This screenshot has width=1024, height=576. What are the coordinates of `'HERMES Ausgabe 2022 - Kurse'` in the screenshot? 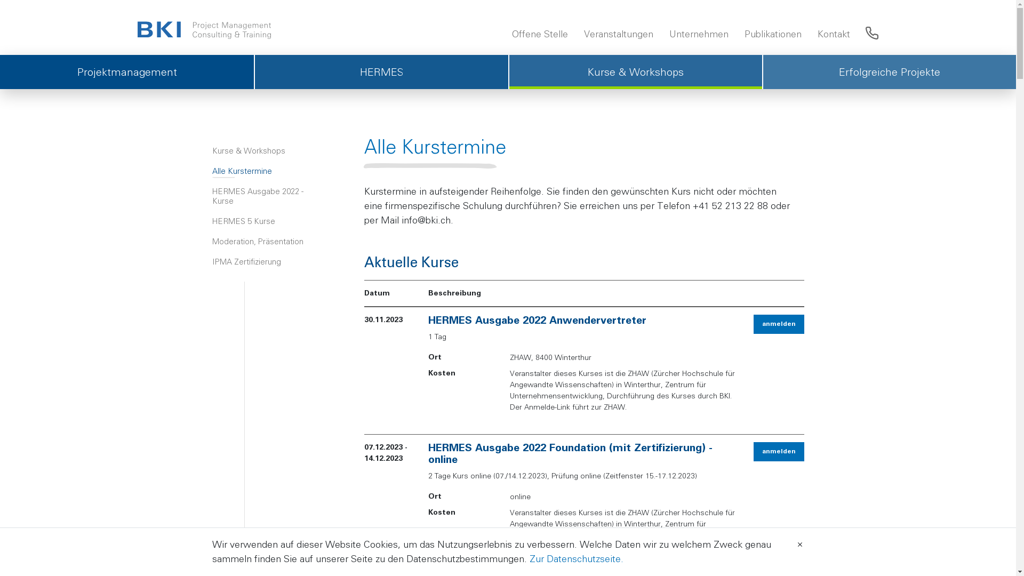 It's located at (268, 196).